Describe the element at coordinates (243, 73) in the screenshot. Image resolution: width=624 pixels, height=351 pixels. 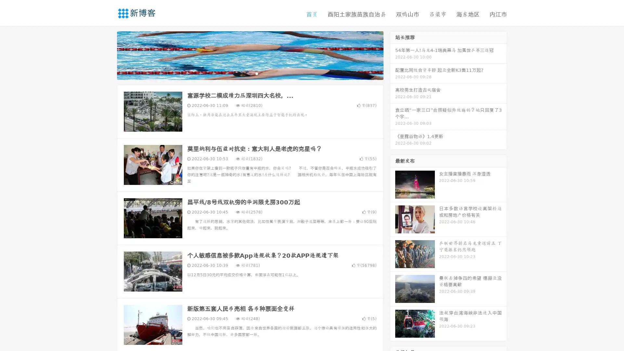
I see `Go to slide 1` at that location.